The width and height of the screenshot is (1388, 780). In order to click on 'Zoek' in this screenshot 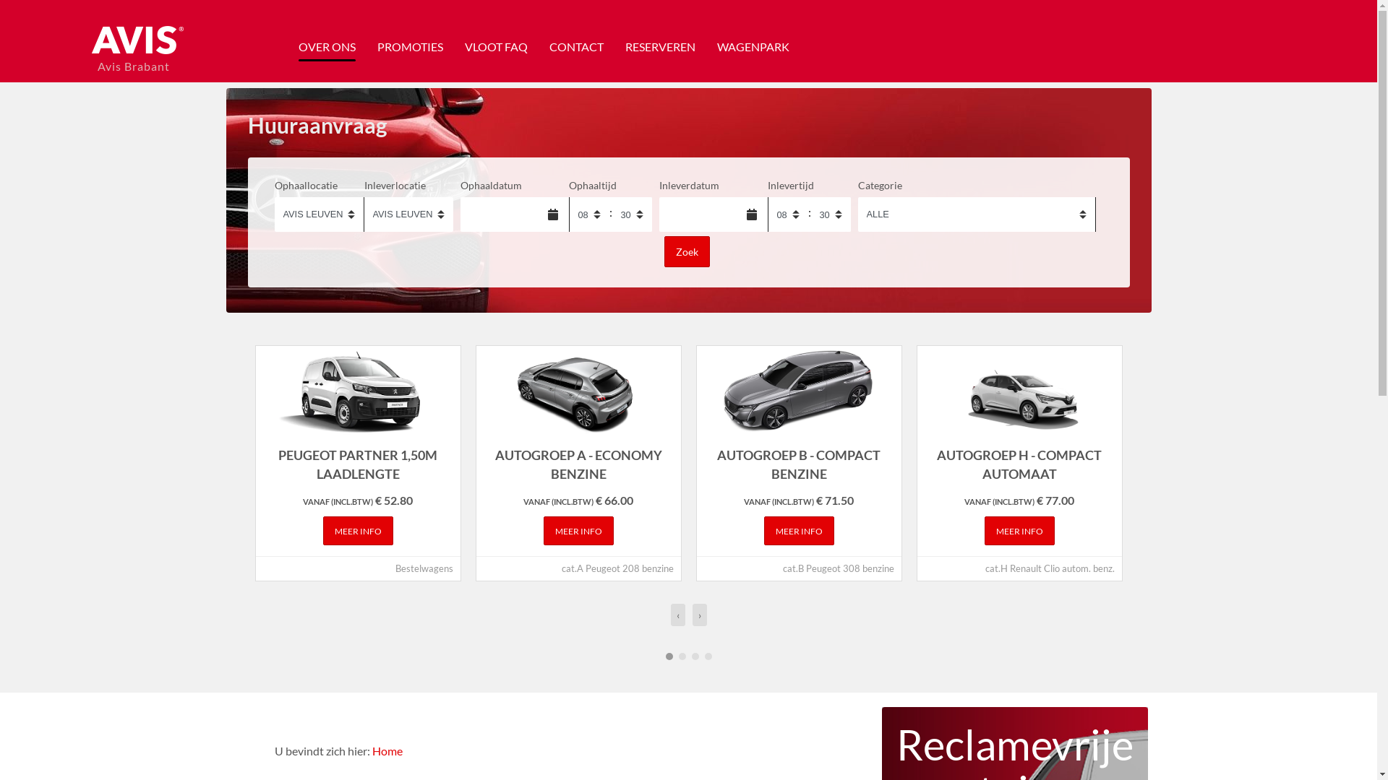, I will do `click(685, 251)`.